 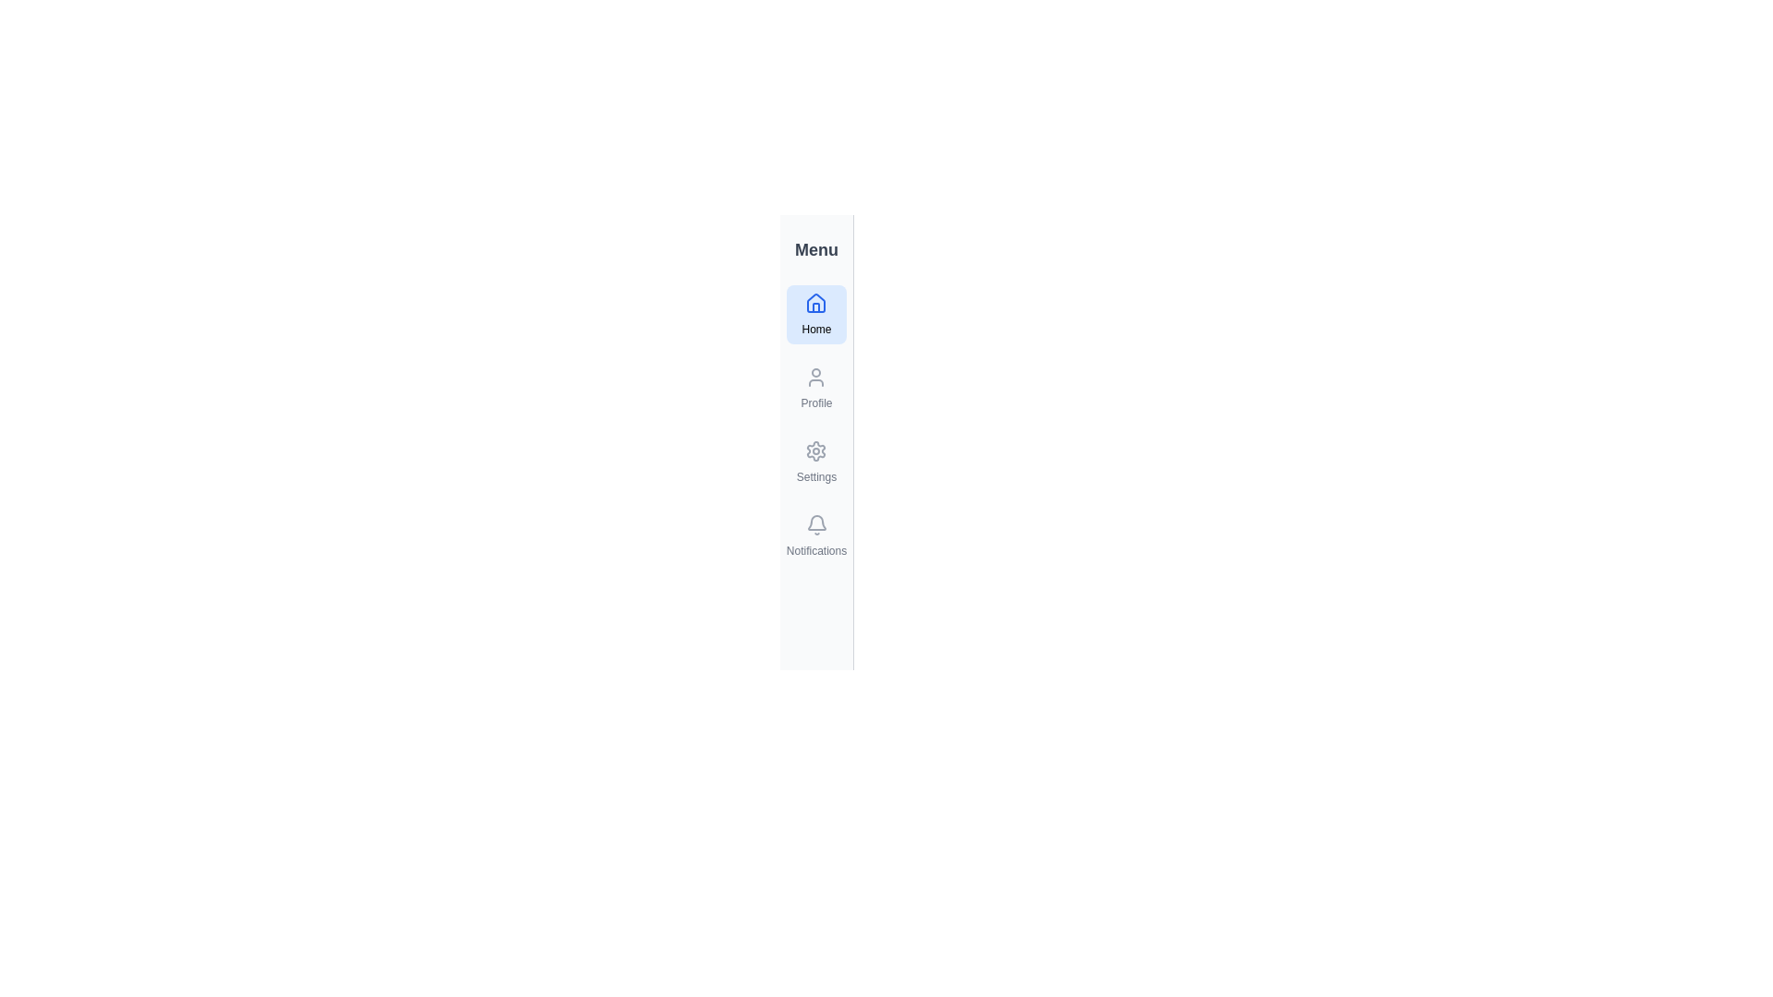 I want to click on the 'Notifications' button using tab navigation, so click(x=815, y=536).